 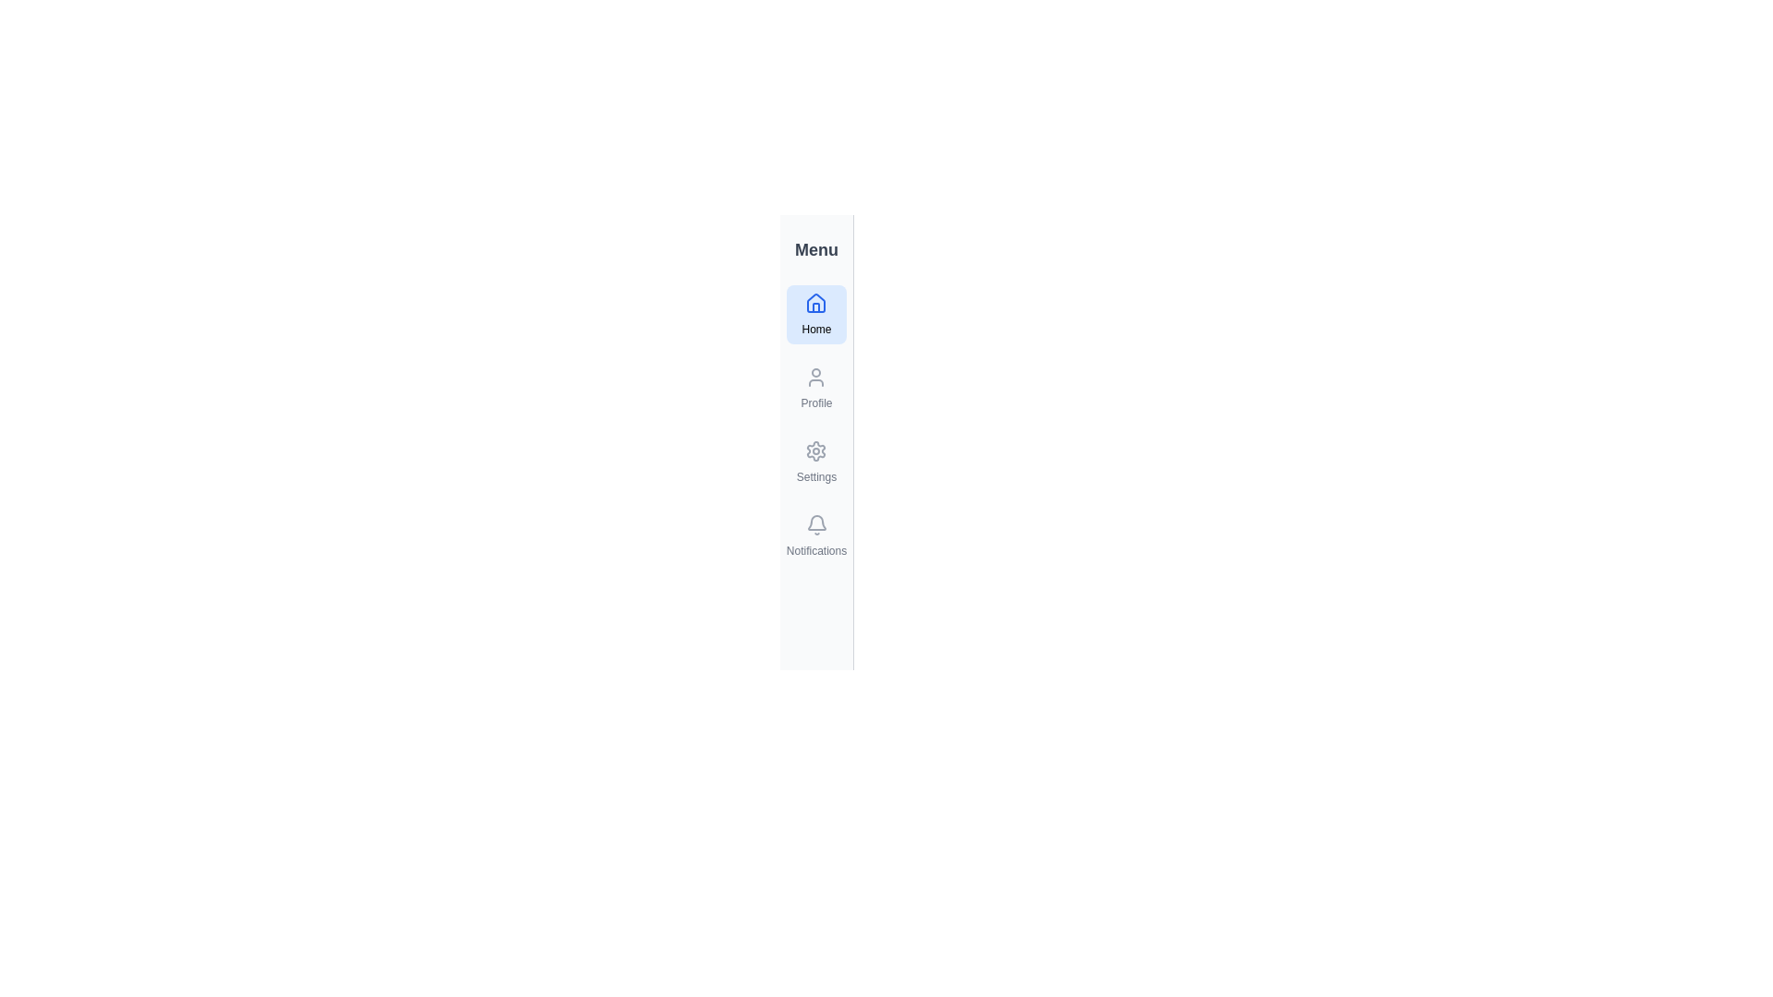 I want to click on the 'Notifications' button using tab navigation, so click(x=815, y=536).